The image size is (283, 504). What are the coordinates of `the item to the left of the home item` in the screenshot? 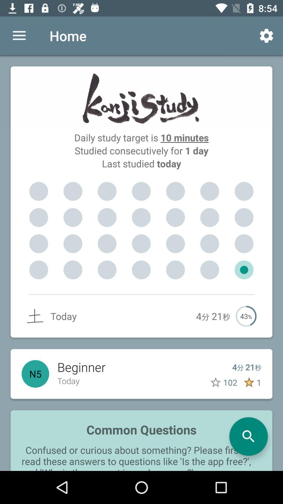 It's located at (19, 35).